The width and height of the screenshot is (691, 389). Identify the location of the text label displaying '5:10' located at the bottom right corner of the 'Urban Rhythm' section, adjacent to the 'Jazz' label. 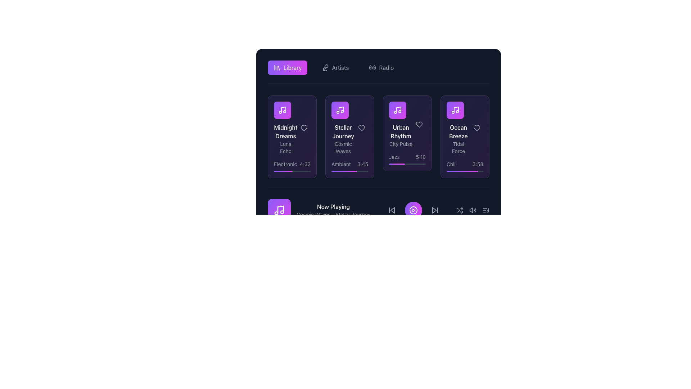
(421, 156).